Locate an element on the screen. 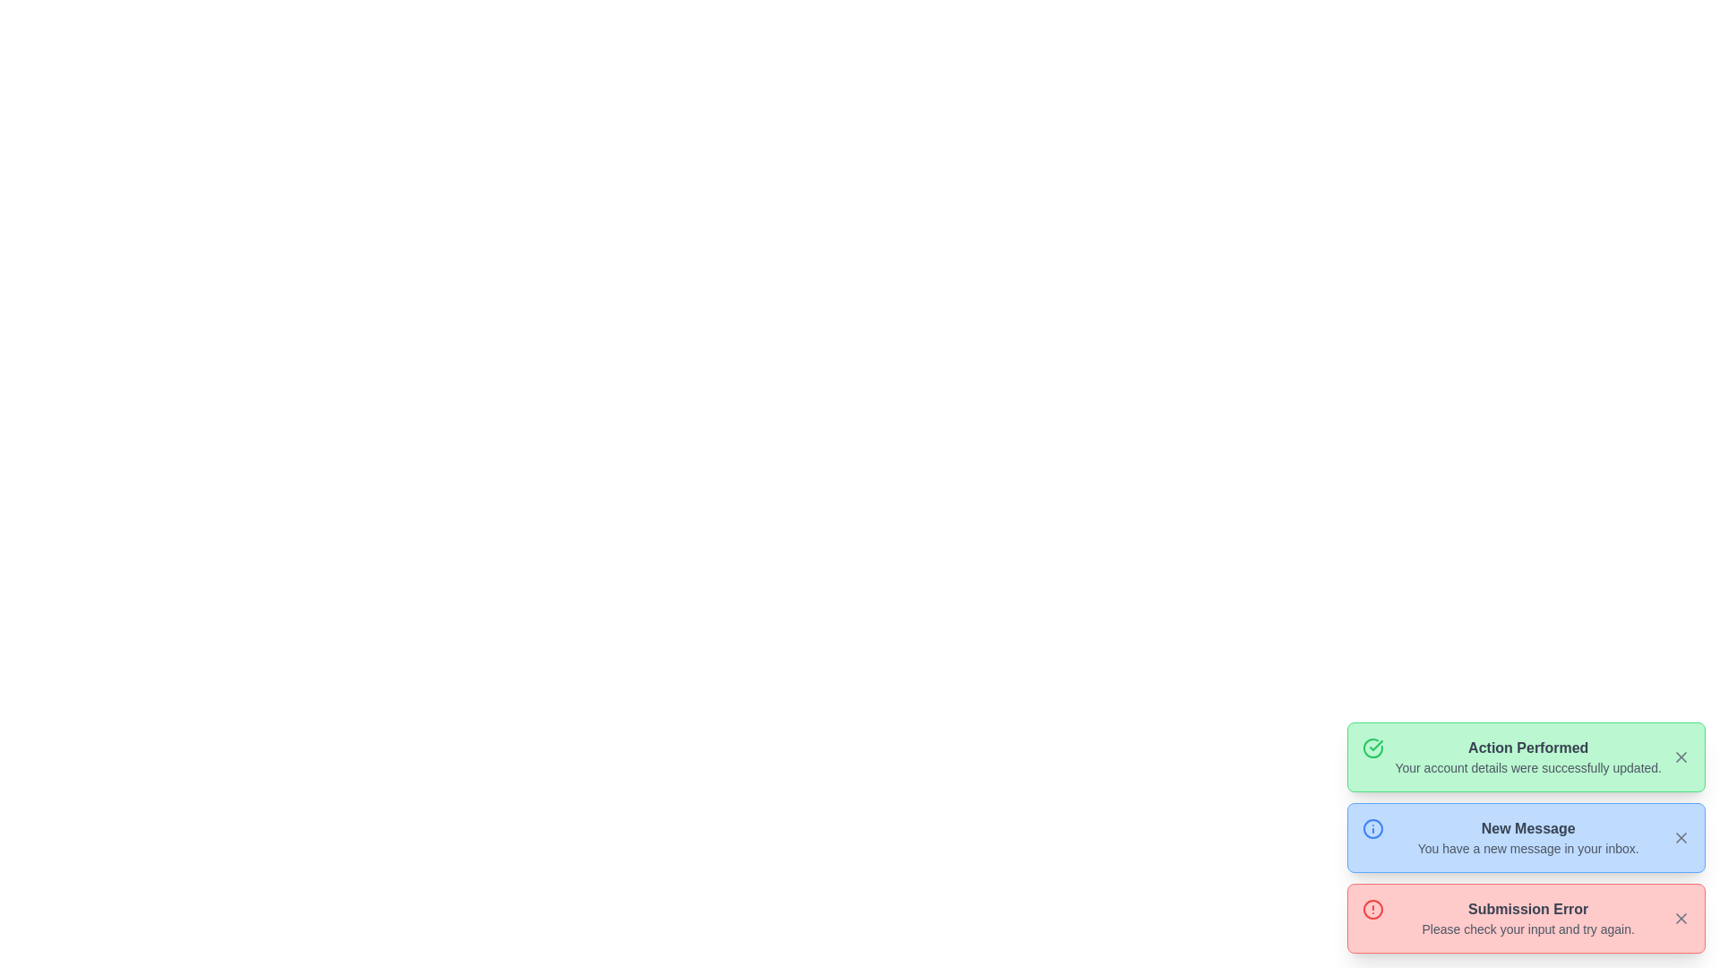 The image size is (1720, 968). the Close button represented by an SVG icon located at the top-right corner of the green notification box labeled 'Action Performed' is located at coordinates (1680, 756).